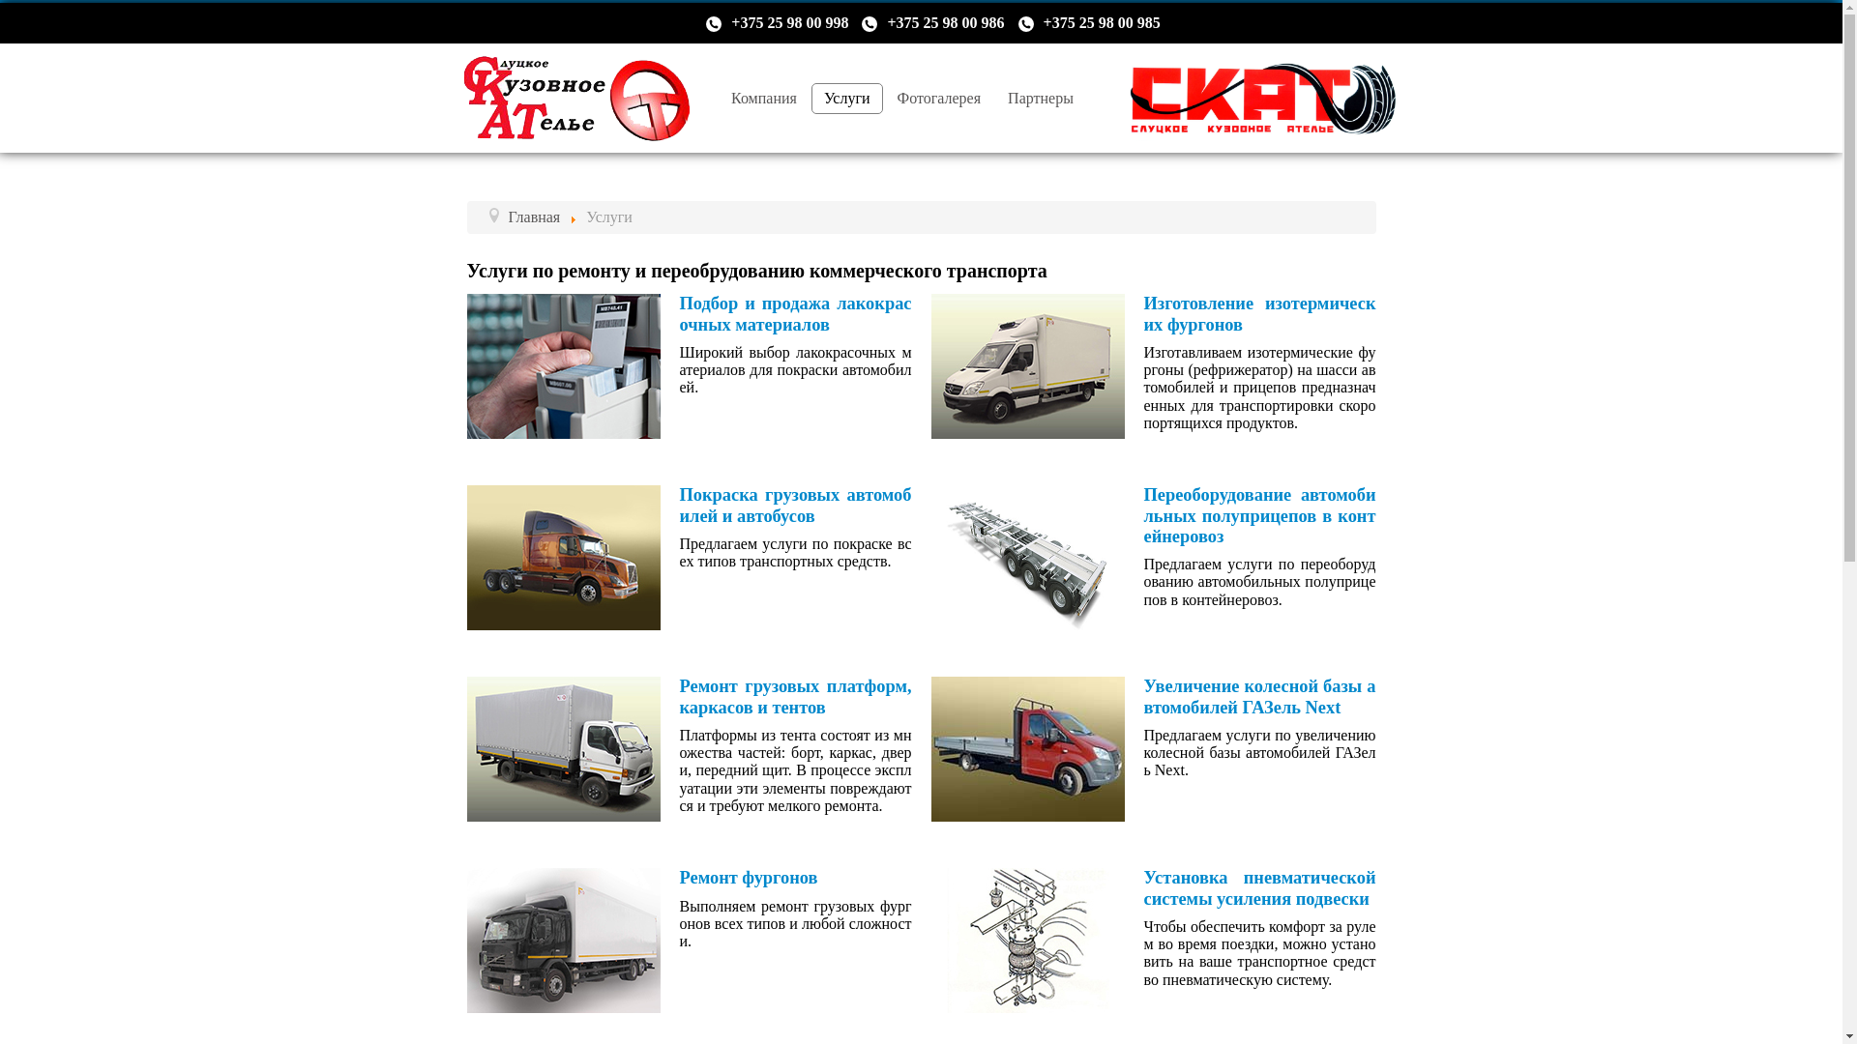 The height and width of the screenshot is (1044, 1857). Describe the element at coordinates (789, 22) in the screenshot. I see `'+375 25 98 00 998'` at that location.